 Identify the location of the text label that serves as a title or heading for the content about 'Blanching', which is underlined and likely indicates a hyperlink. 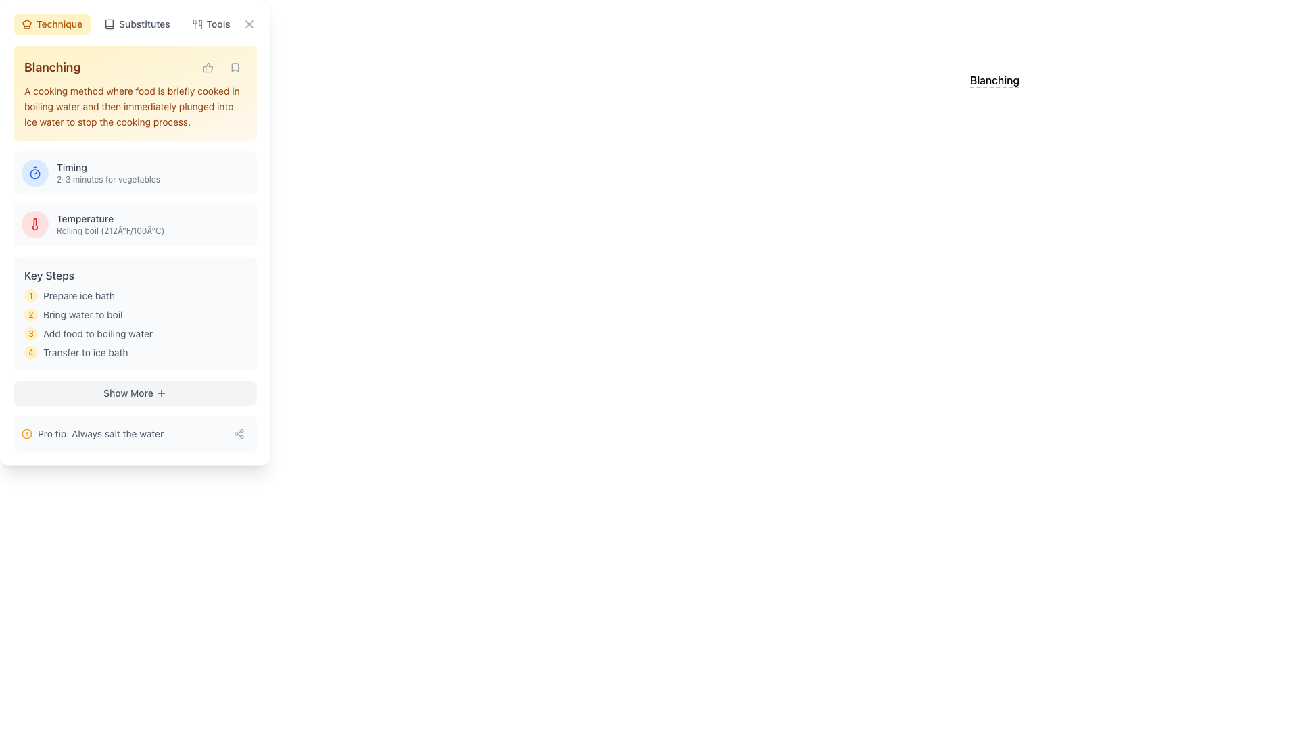
(994, 80).